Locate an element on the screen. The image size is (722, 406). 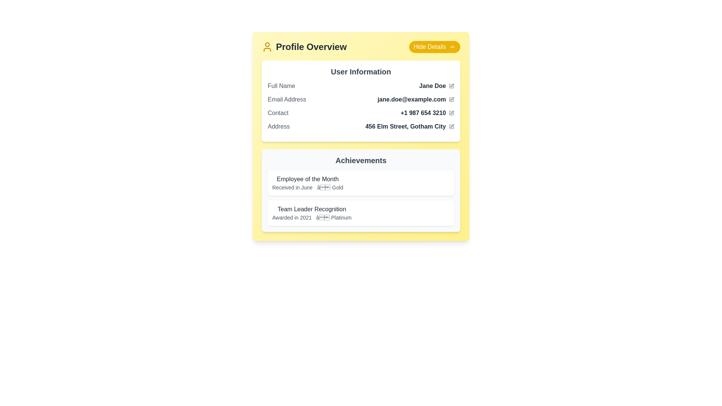
the address information text displayed in the 'Address' section of the 'User Information' card, located to the right of the label 'Address' is located at coordinates (409, 126).